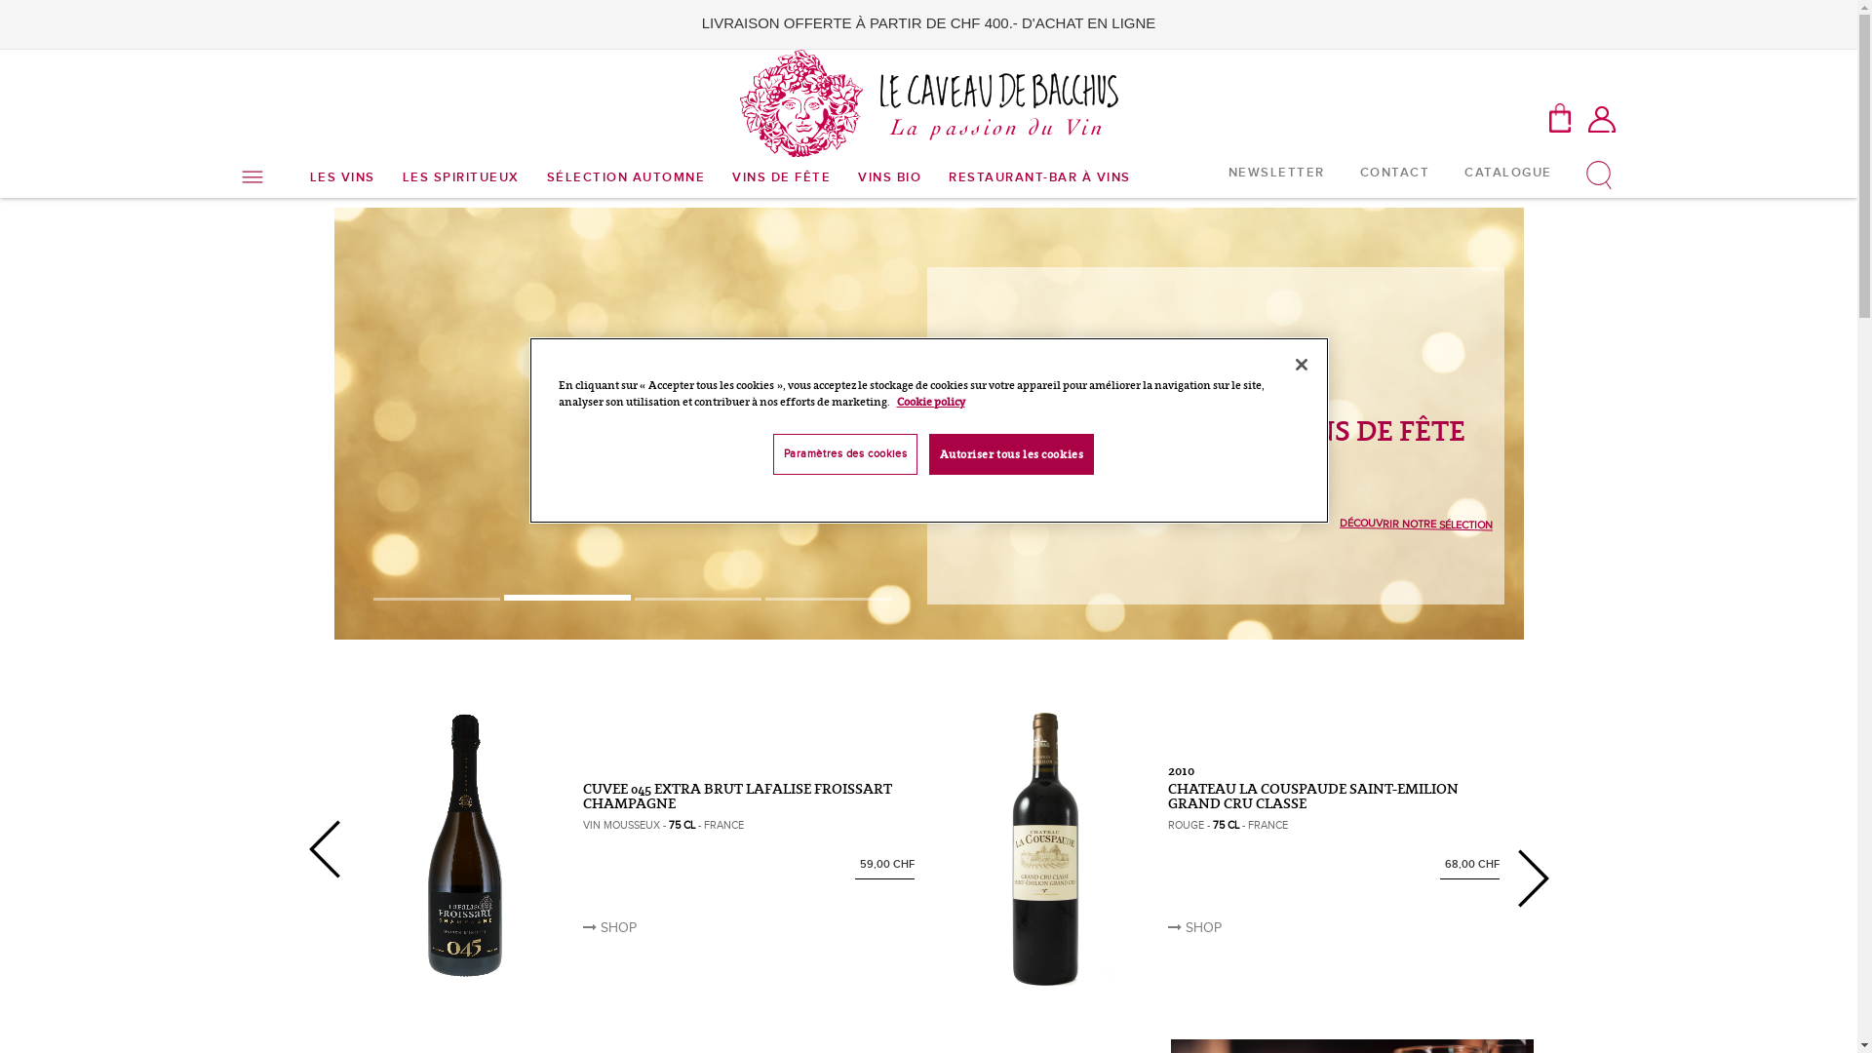 The height and width of the screenshot is (1053, 1872). I want to click on 'Cookie policy', so click(896, 400).